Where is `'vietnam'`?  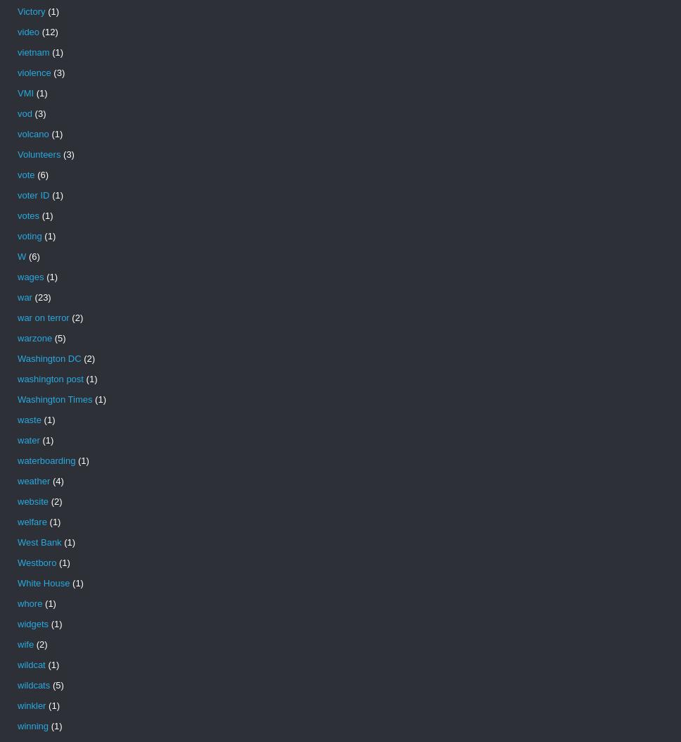
'vietnam' is located at coordinates (32, 51).